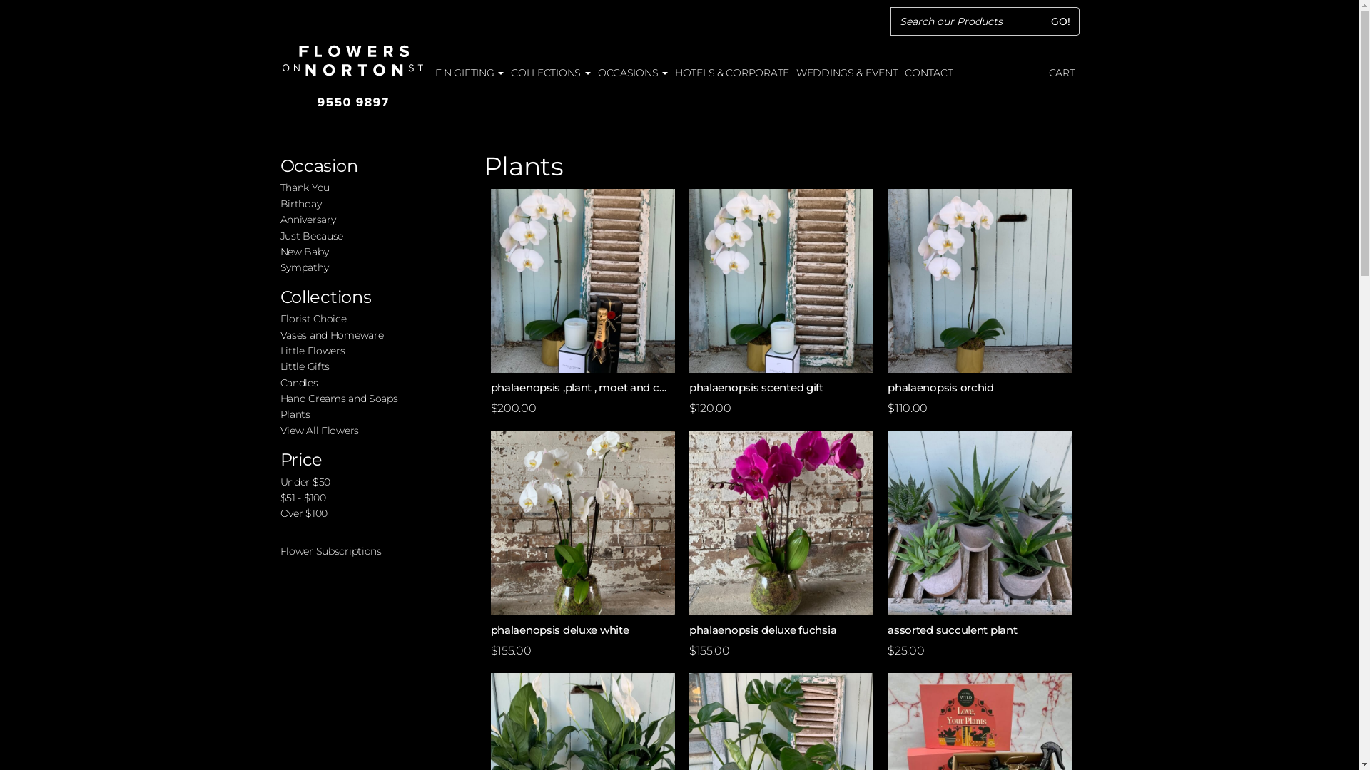  Describe the element at coordinates (310, 235) in the screenshot. I see `'Just Because'` at that location.